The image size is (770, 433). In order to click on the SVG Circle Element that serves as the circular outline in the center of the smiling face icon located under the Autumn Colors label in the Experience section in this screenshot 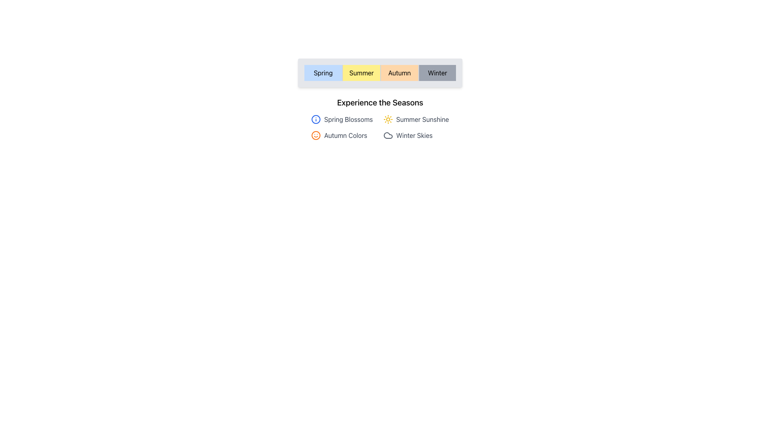, I will do `click(316, 135)`.